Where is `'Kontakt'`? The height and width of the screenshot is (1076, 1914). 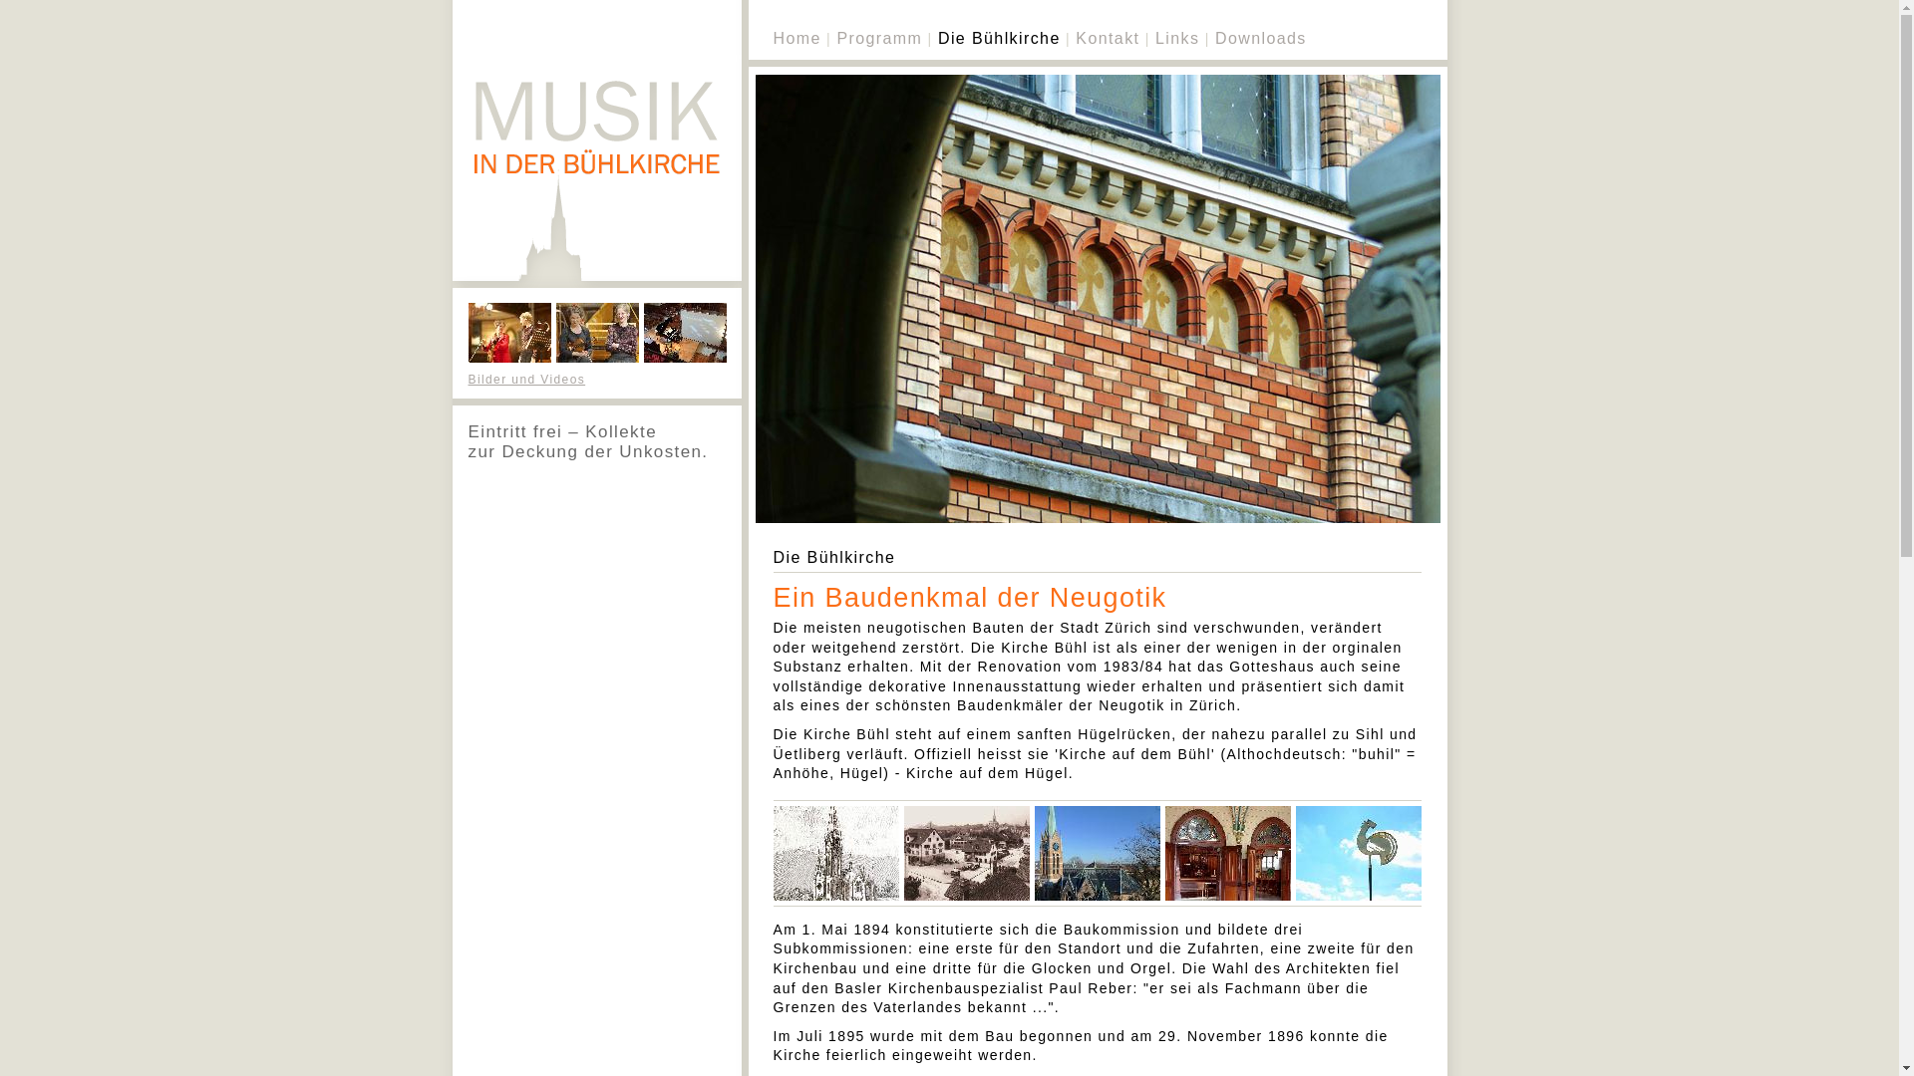 'Kontakt' is located at coordinates (1106, 38).